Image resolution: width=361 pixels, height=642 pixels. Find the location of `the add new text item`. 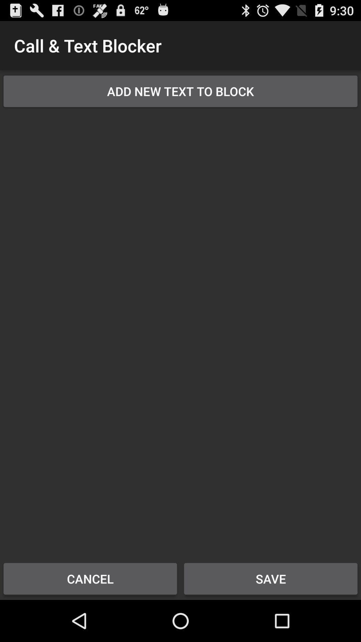

the add new text item is located at coordinates (180, 91).